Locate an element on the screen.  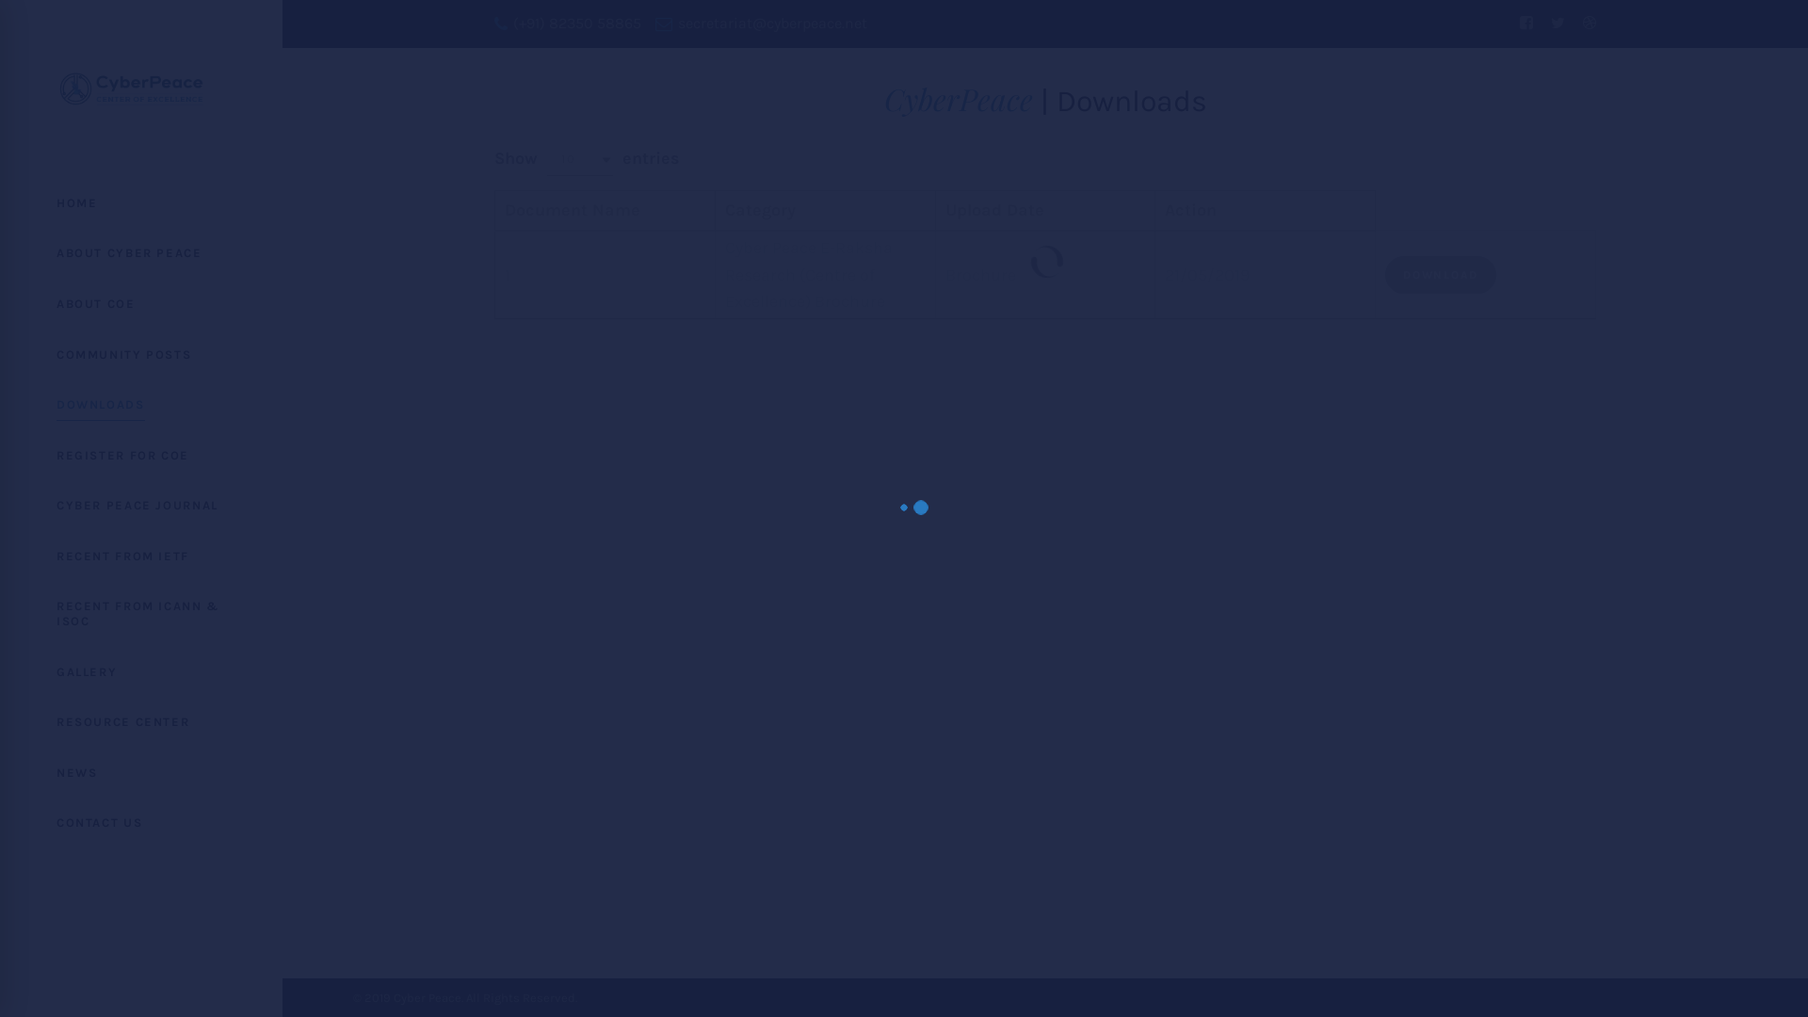
'secretariat@cyberpeace.net' is located at coordinates (761, 24).